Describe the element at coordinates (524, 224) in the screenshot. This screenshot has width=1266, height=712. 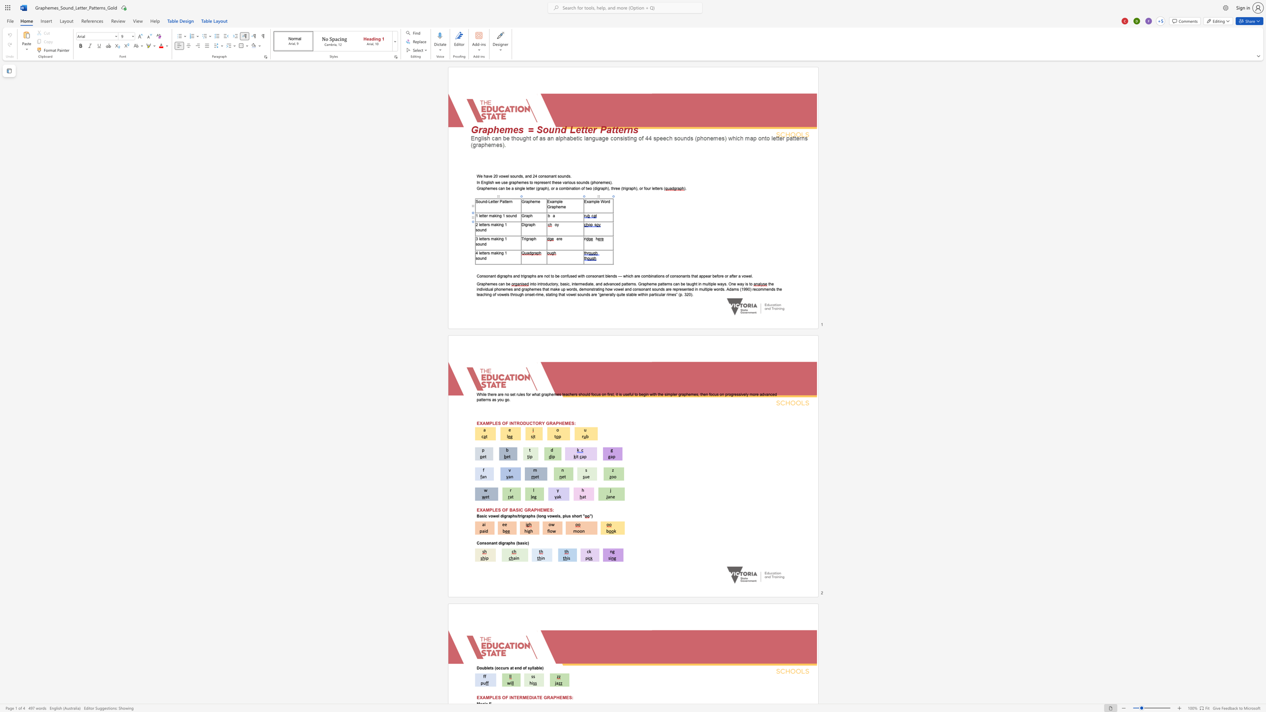
I see `the 1th character "i" in the text` at that location.